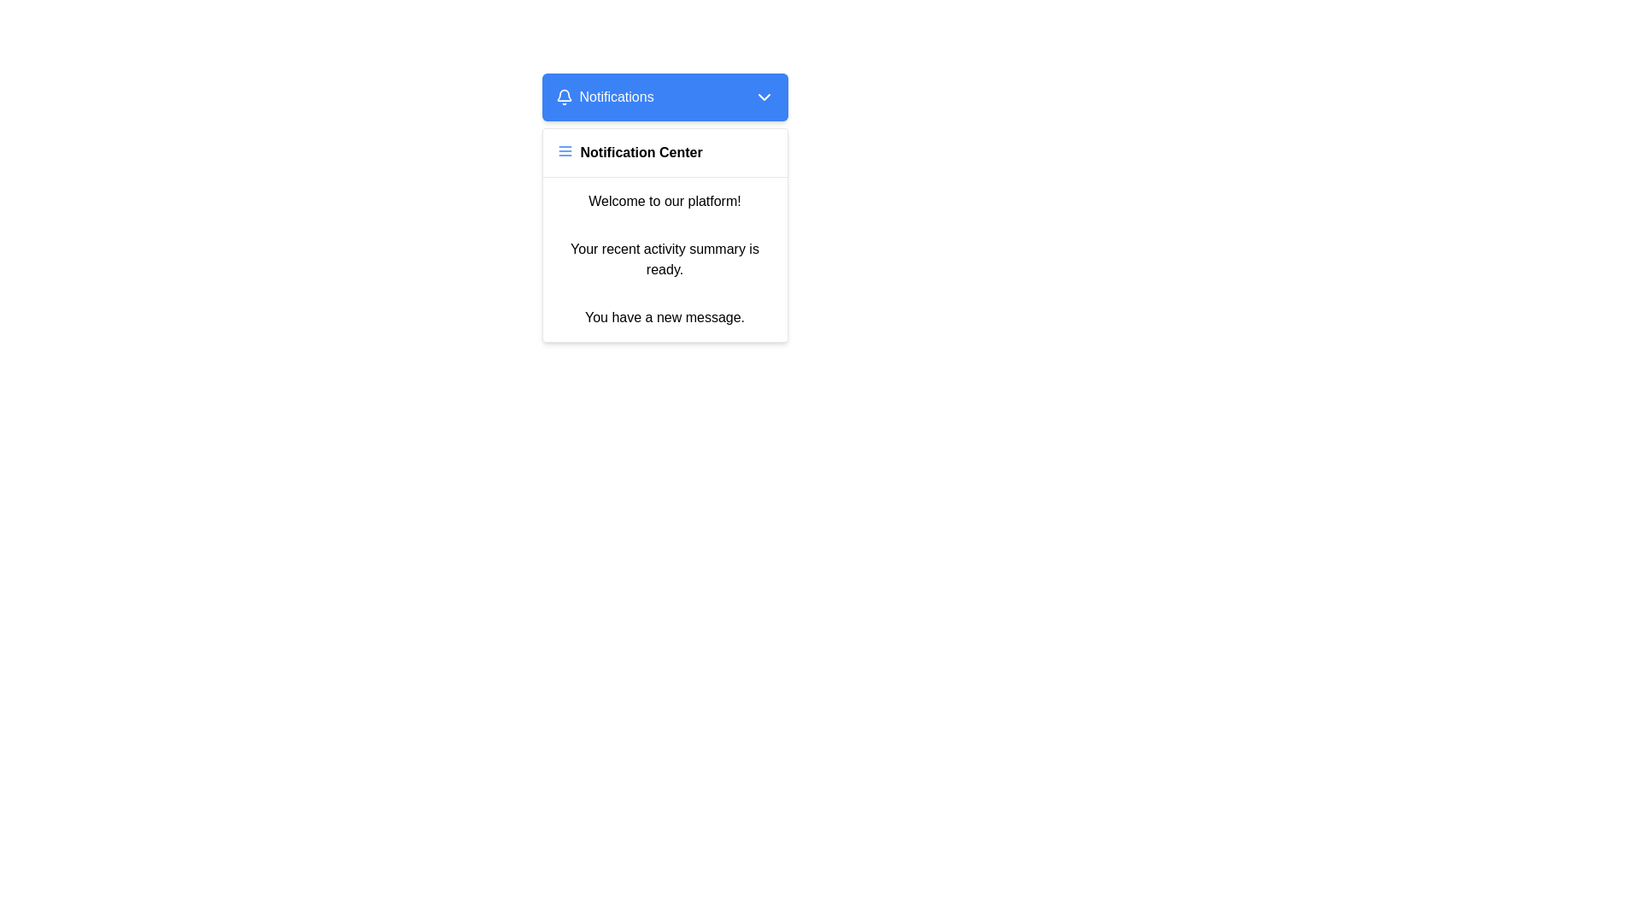 Image resolution: width=1640 pixels, height=923 pixels. I want to click on text from the notification center's text block, which contains a welcome message, recent activity summary, and new message notification, so click(664, 260).